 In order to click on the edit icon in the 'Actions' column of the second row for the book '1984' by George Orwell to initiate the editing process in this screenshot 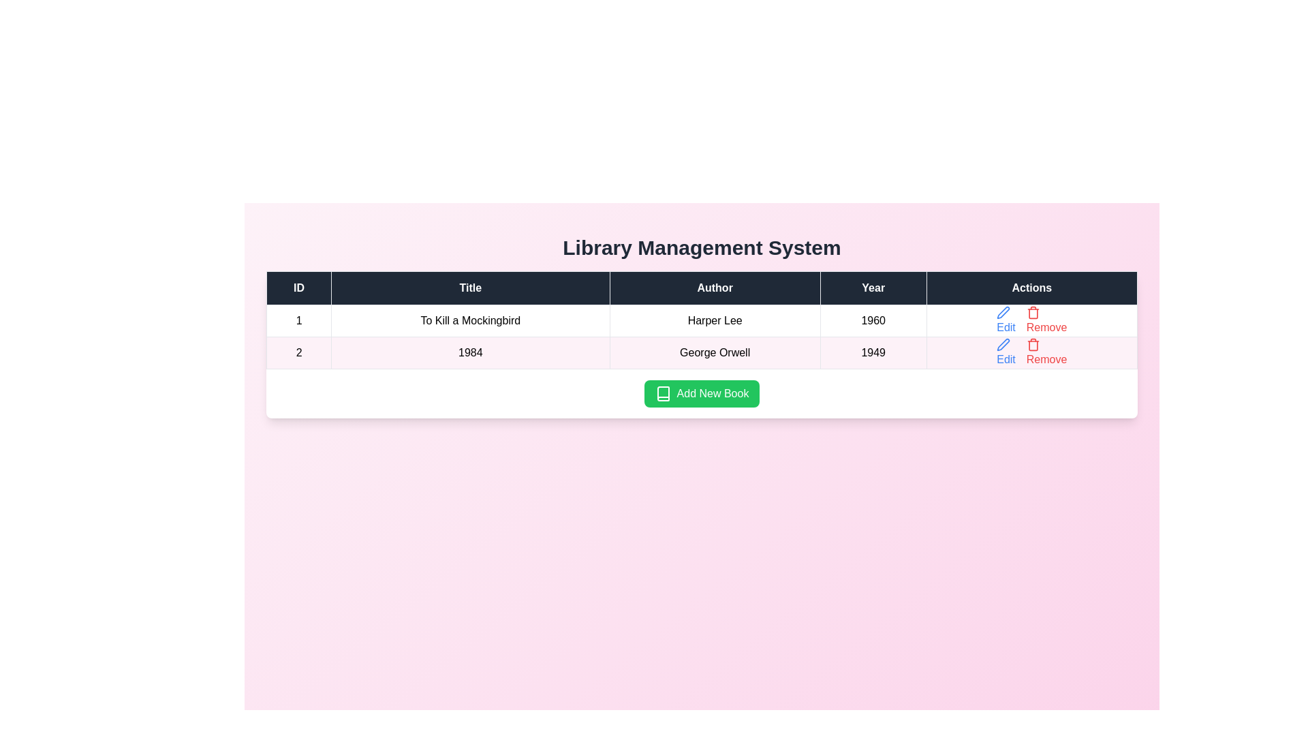, I will do `click(1003, 343)`.